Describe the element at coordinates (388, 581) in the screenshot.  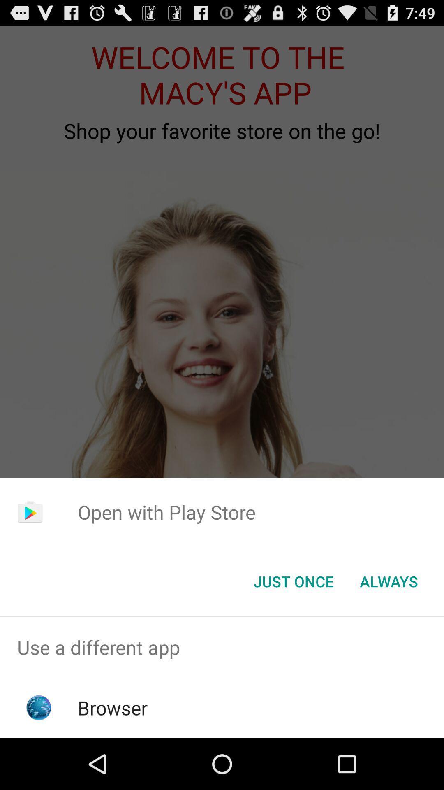
I see `item at the bottom right corner` at that location.